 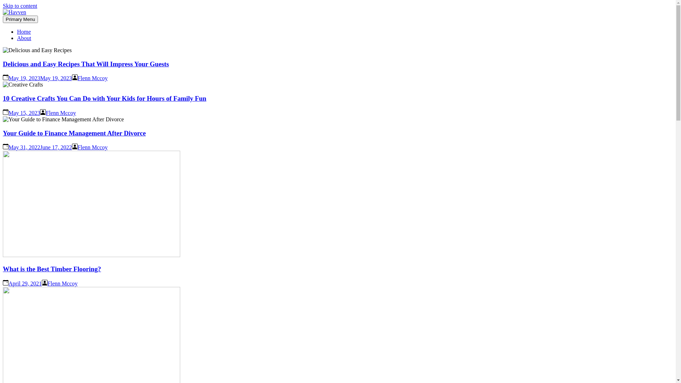 I want to click on 'April 29, 2021', so click(x=25, y=283).